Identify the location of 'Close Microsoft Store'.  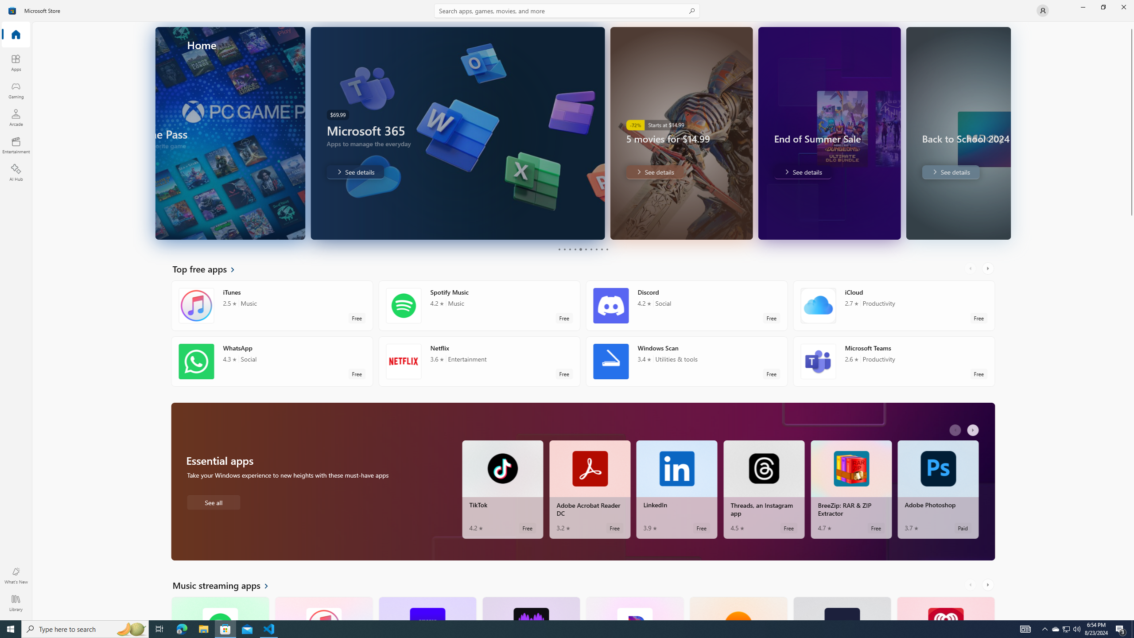
(1123, 7).